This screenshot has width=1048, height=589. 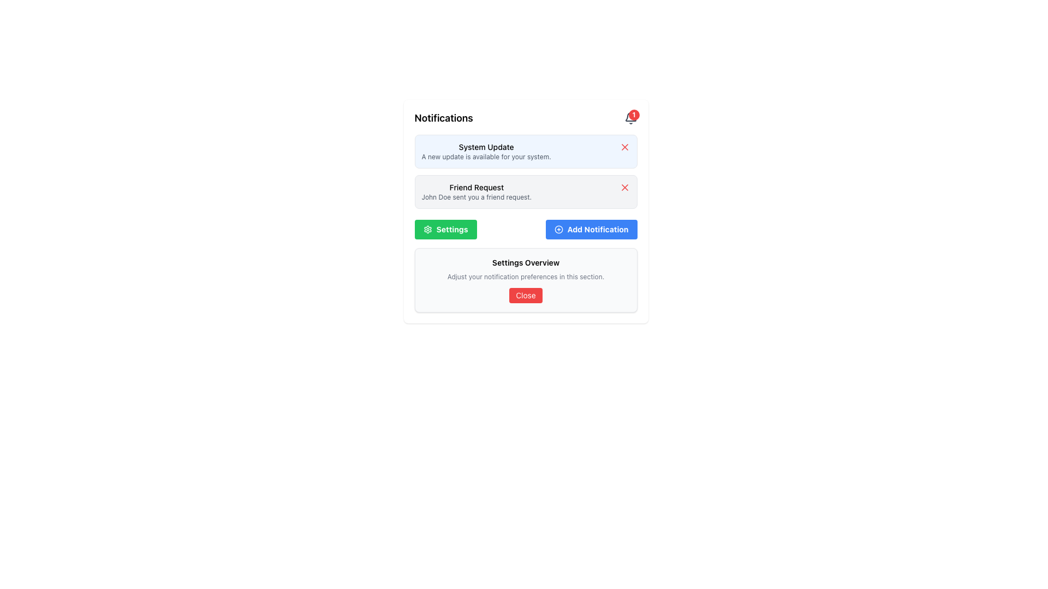 I want to click on lower main arc of the bell icon, which is located in the top-right corner of the notification interface, so click(x=630, y=117).